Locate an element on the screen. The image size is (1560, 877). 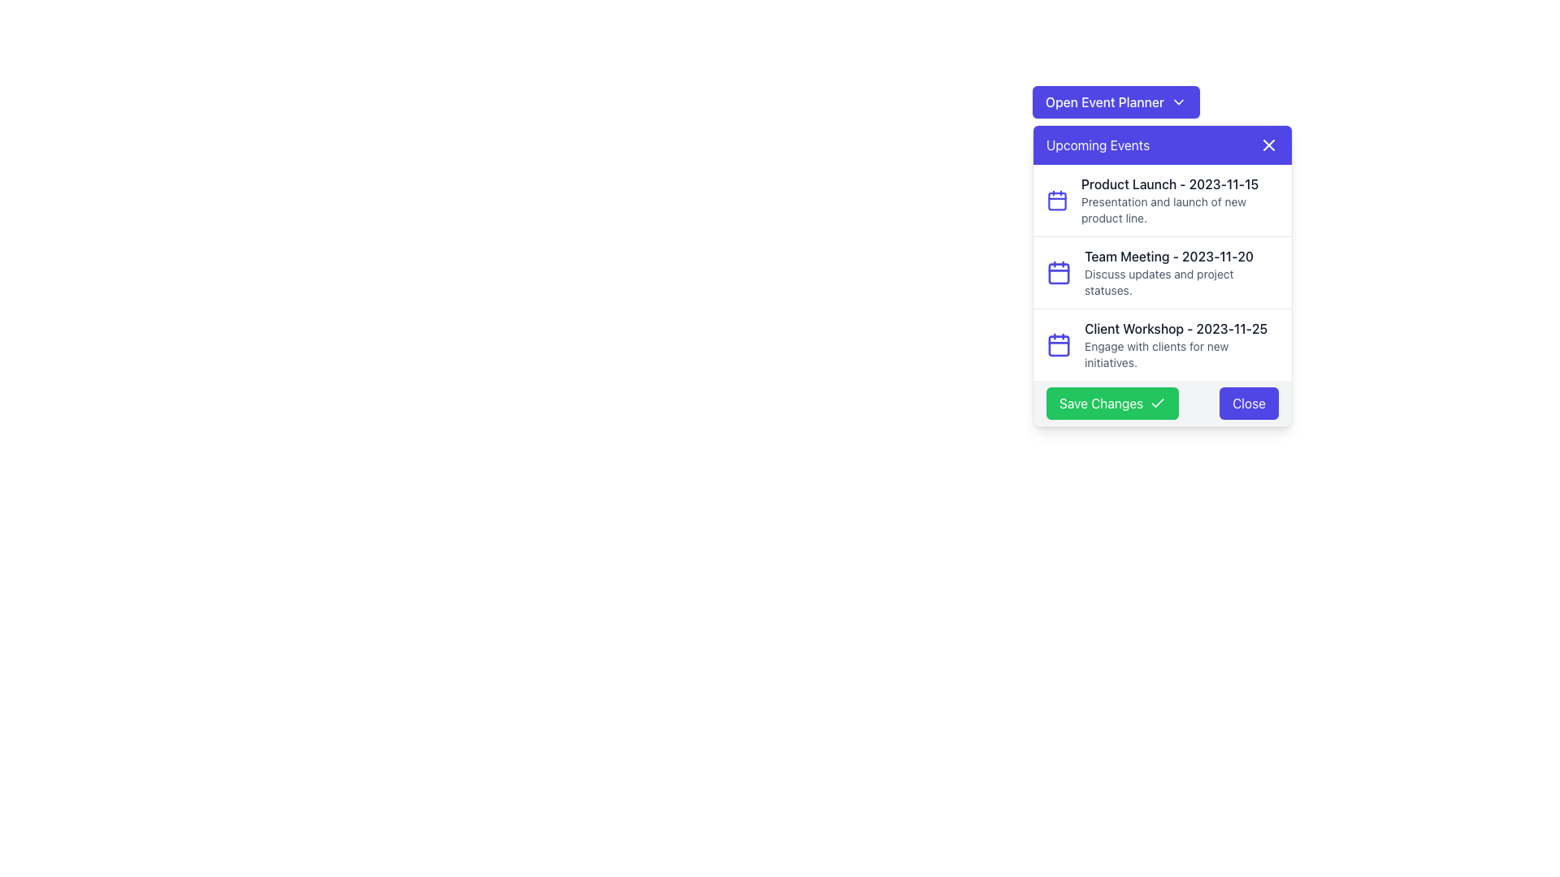
text from the first item in the 'Upcoming Events' list, which provides details about an upcoming product launch event is located at coordinates (1180, 199).